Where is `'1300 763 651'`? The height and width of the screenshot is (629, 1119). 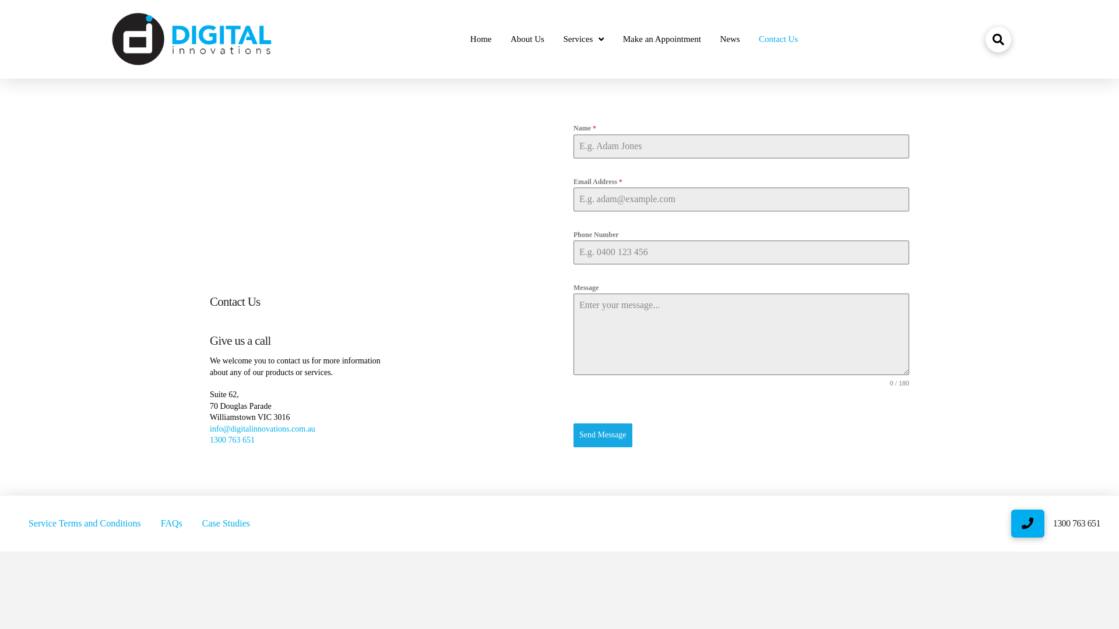
'1300 763 651' is located at coordinates (210, 440).